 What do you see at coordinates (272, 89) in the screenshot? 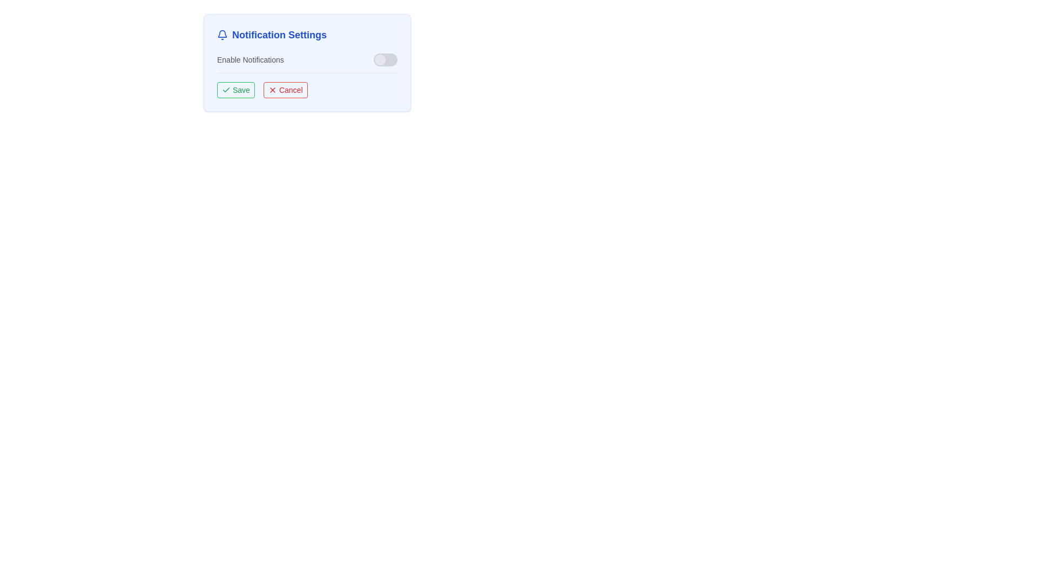
I see `the small red 'X' icon that is part of the 'Cancel' button in the settings interface` at bounding box center [272, 89].